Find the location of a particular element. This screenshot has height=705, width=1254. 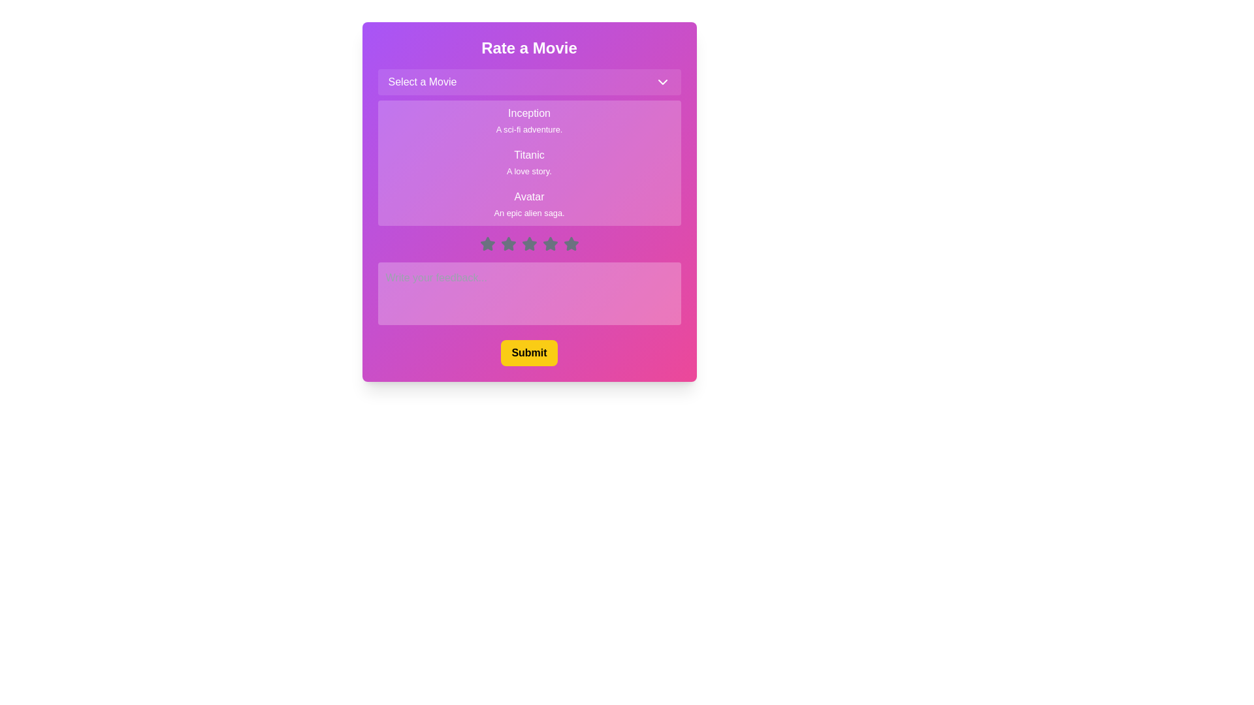

the first star icon in the star rating section is located at coordinates (487, 243).